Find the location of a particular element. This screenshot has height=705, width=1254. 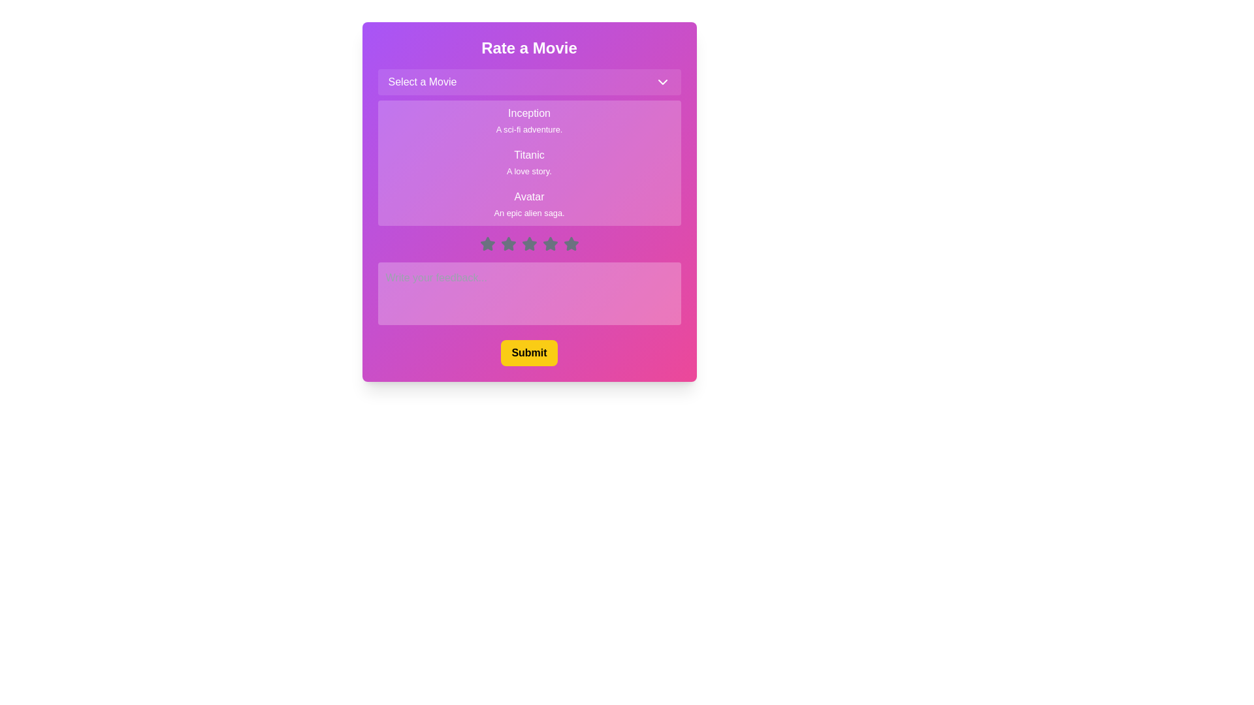

the first star icon in the star rating section is located at coordinates (487, 243).